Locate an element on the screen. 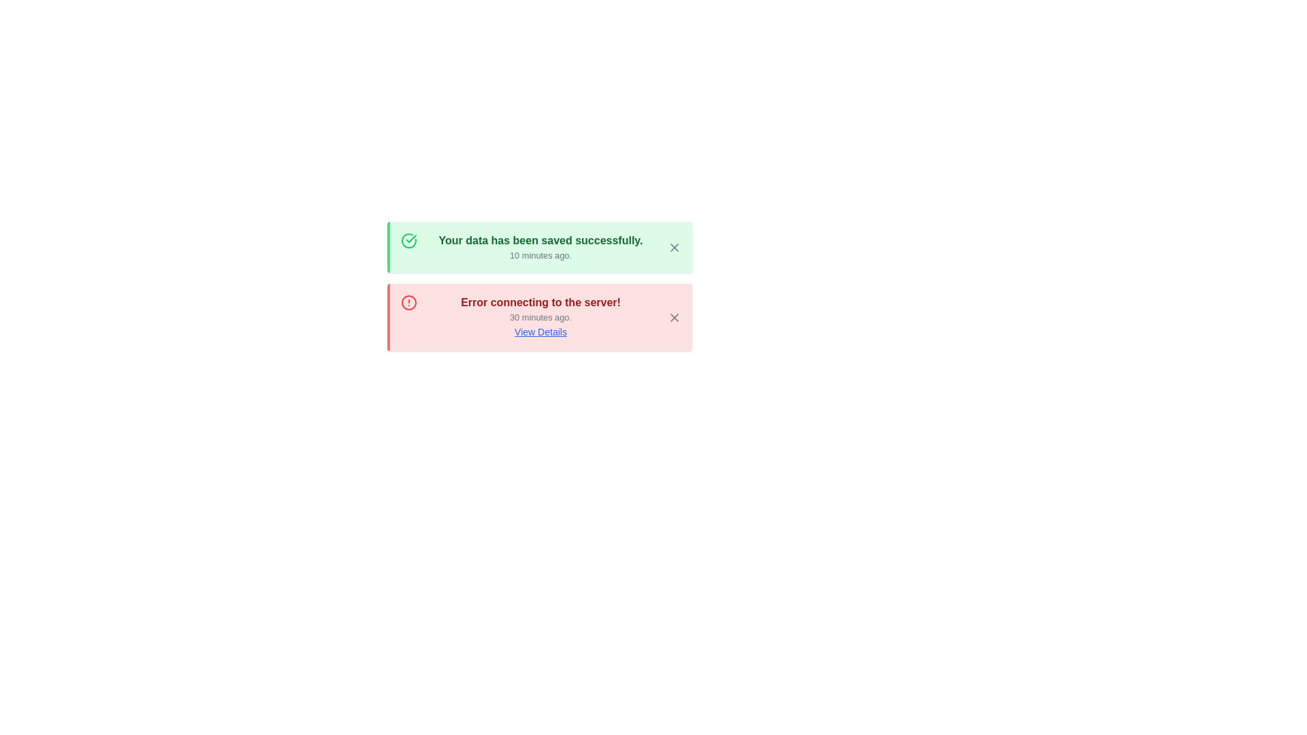  checkmark icon, which is part of a circular SVG-styled success notification, by opening the developer tools is located at coordinates (410, 238).